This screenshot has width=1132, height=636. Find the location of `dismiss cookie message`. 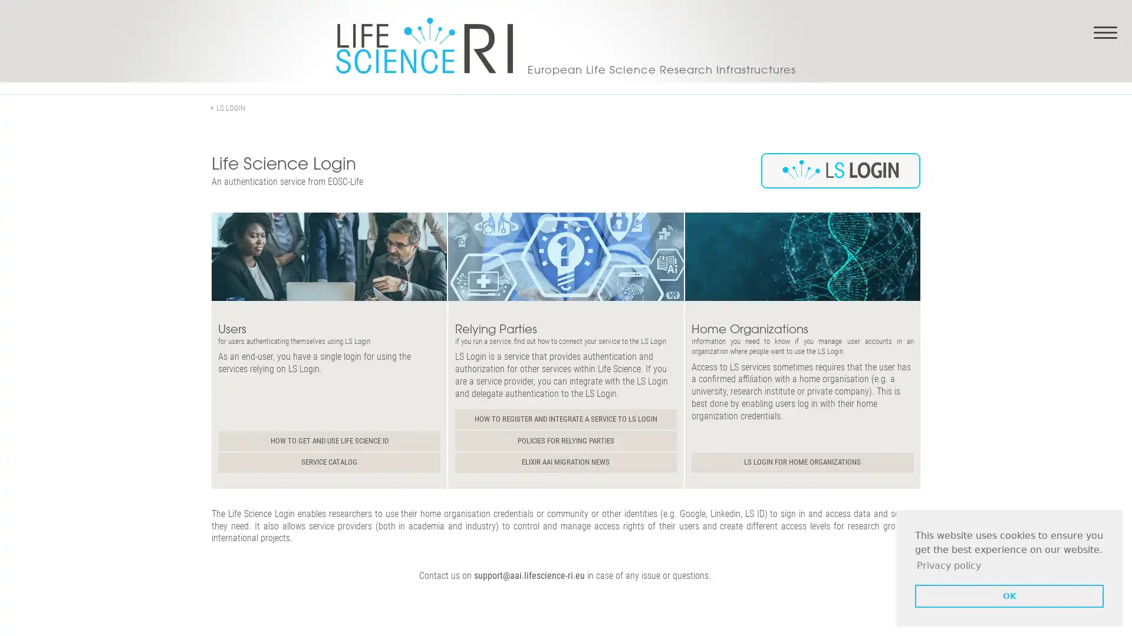

dismiss cookie message is located at coordinates (1009, 595).